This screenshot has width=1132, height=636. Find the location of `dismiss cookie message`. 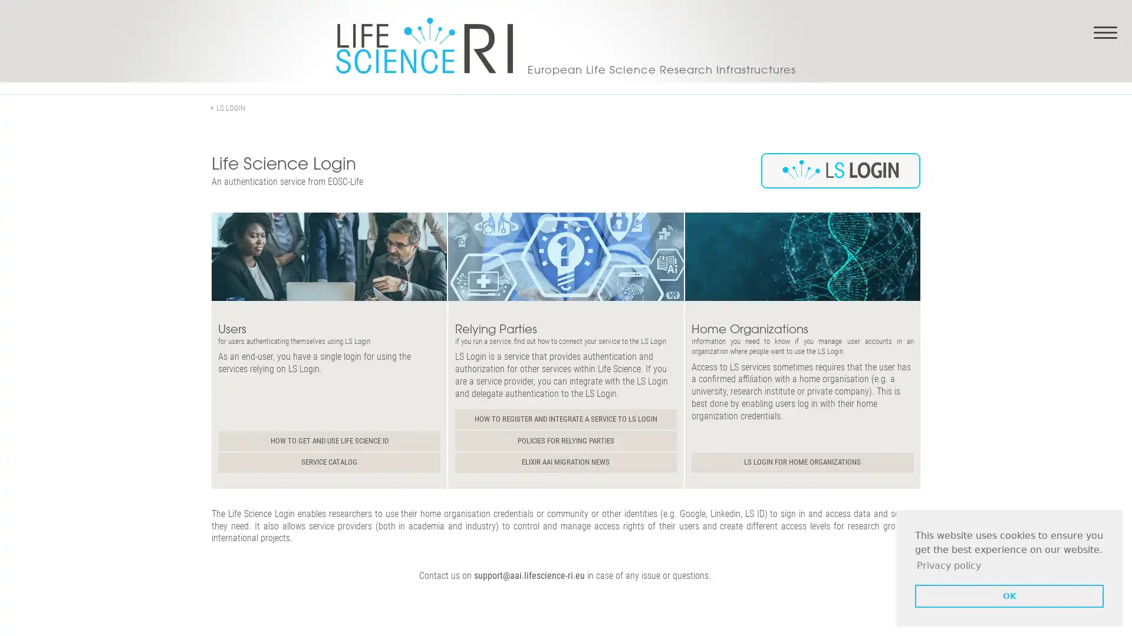

dismiss cookie message is located at coordinates (1009, 595).